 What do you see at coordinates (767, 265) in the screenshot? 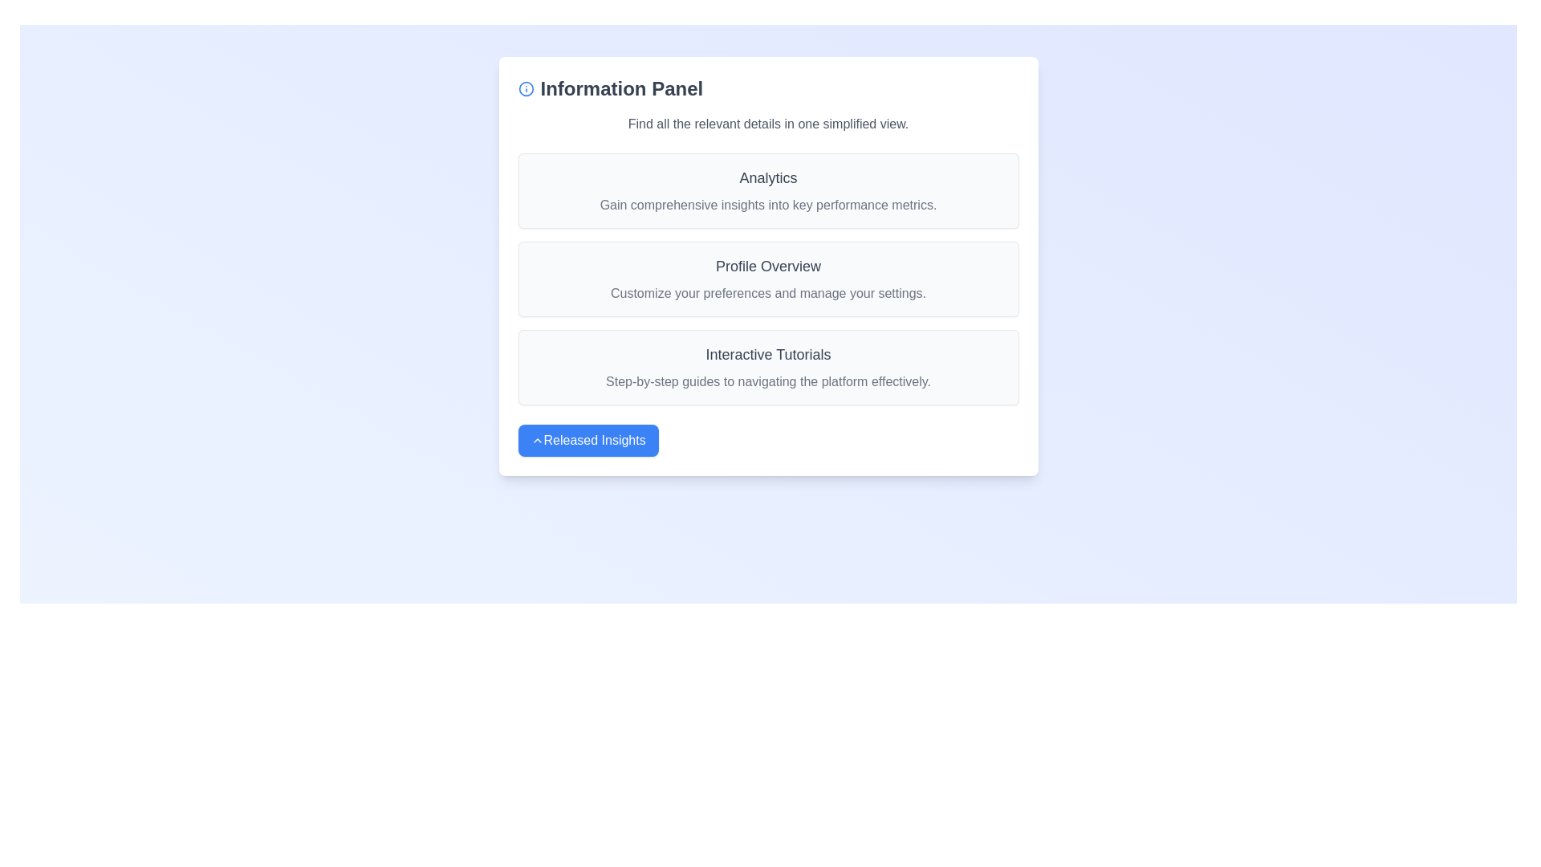
I see `the sections within the Informational Card that provide an overview of key features such as 'Analytics', 'Profile Overview', and 'Interactive Tutorials', if they are interactive` at bounding box center [767, 265].